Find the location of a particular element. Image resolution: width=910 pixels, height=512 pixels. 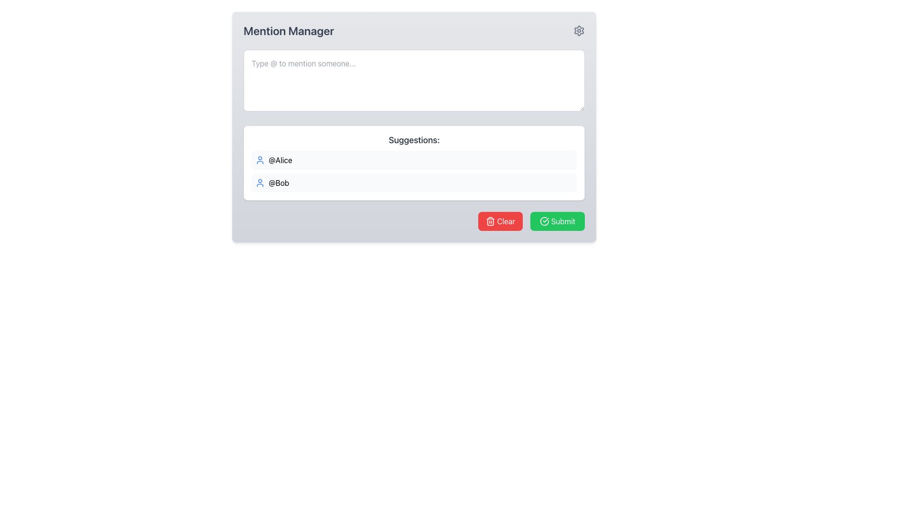

the text label '@Bob' positioned in the second entry of the suggestions list is located at coordinates (278, 183).